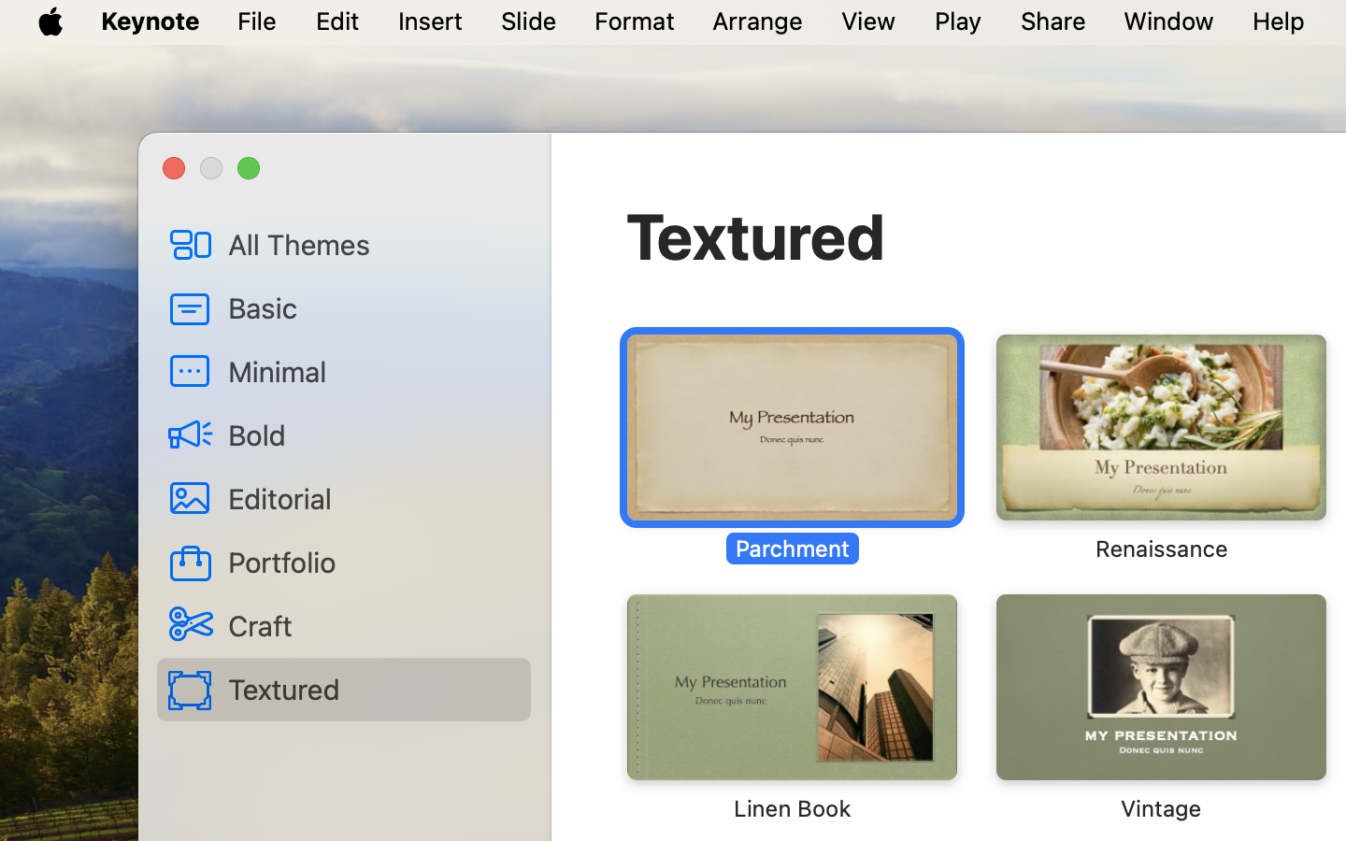 The height and width of the screenshot is (841, 1346). I want to click on 'Bold', so click(371, 434).